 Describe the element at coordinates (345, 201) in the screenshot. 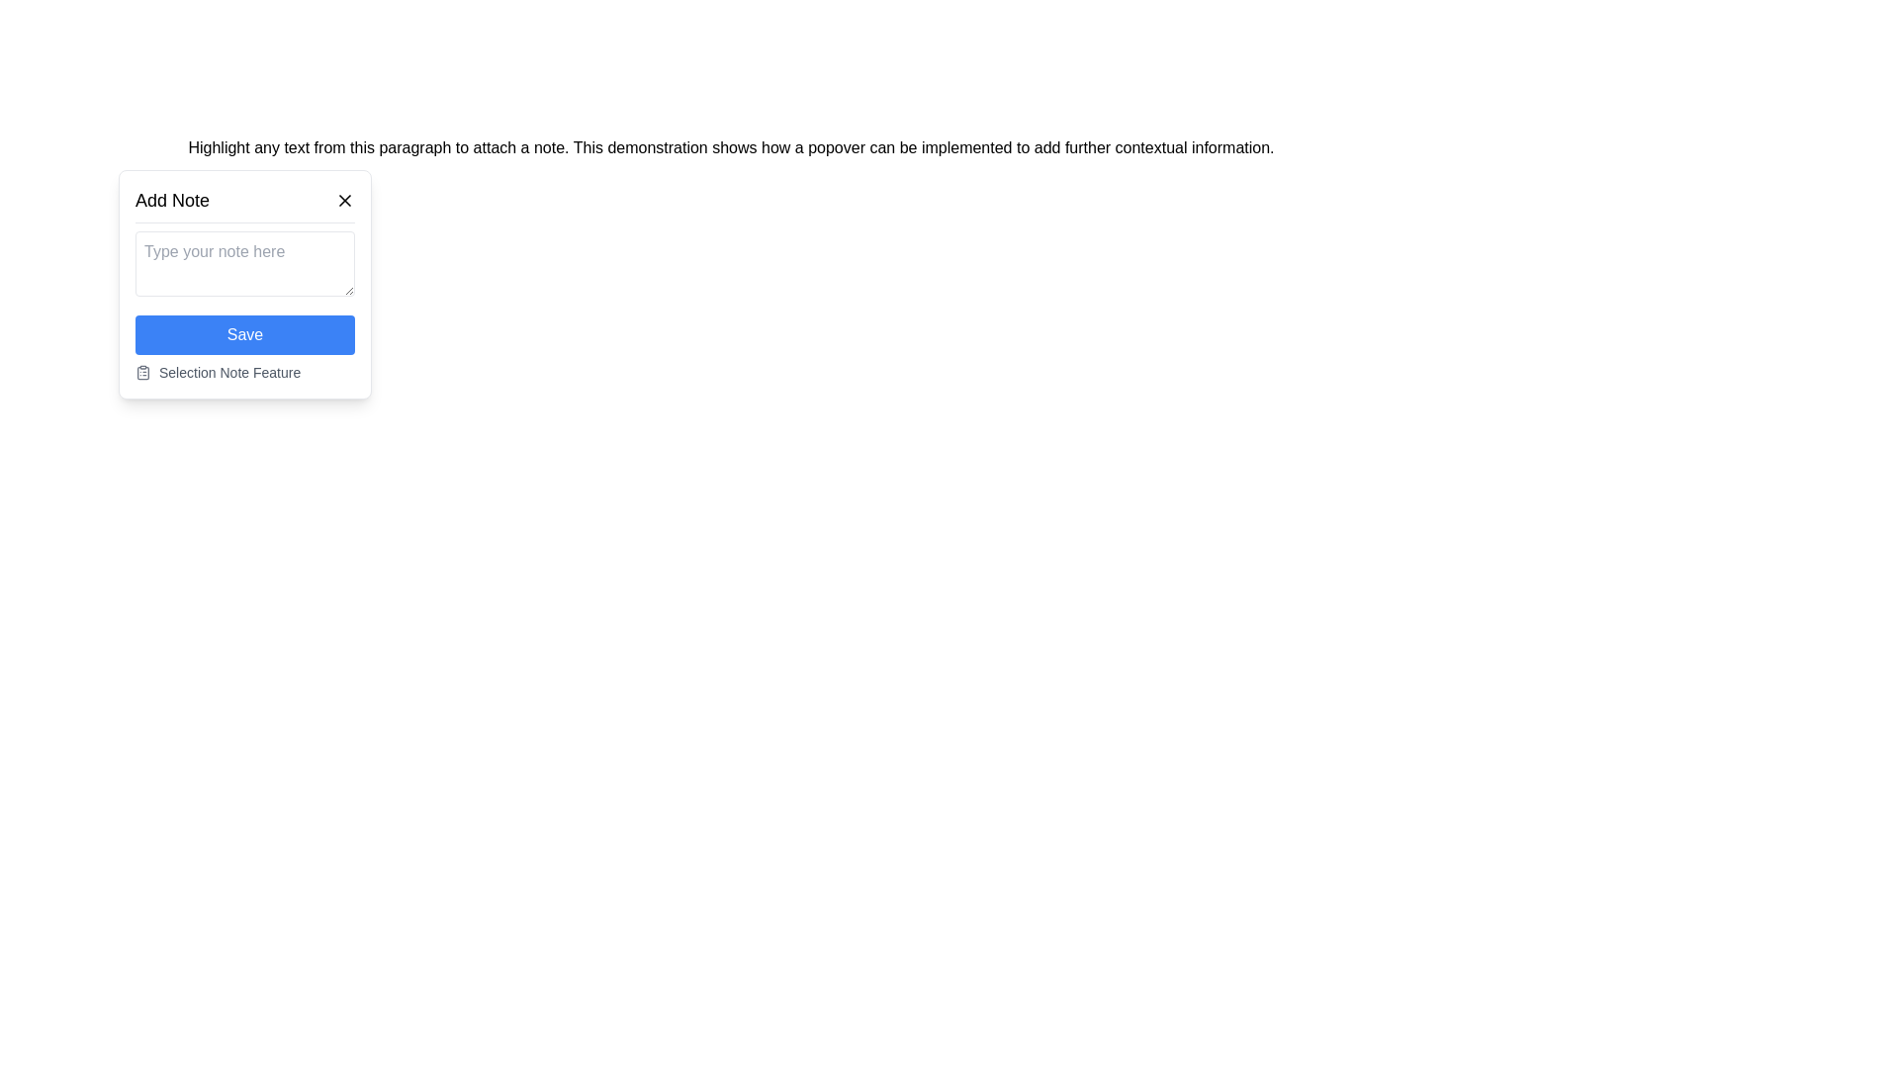

I see `the close button, represented by an 'X' icon, located at the right end of the header section of the 'Add Note' popup` at that location.